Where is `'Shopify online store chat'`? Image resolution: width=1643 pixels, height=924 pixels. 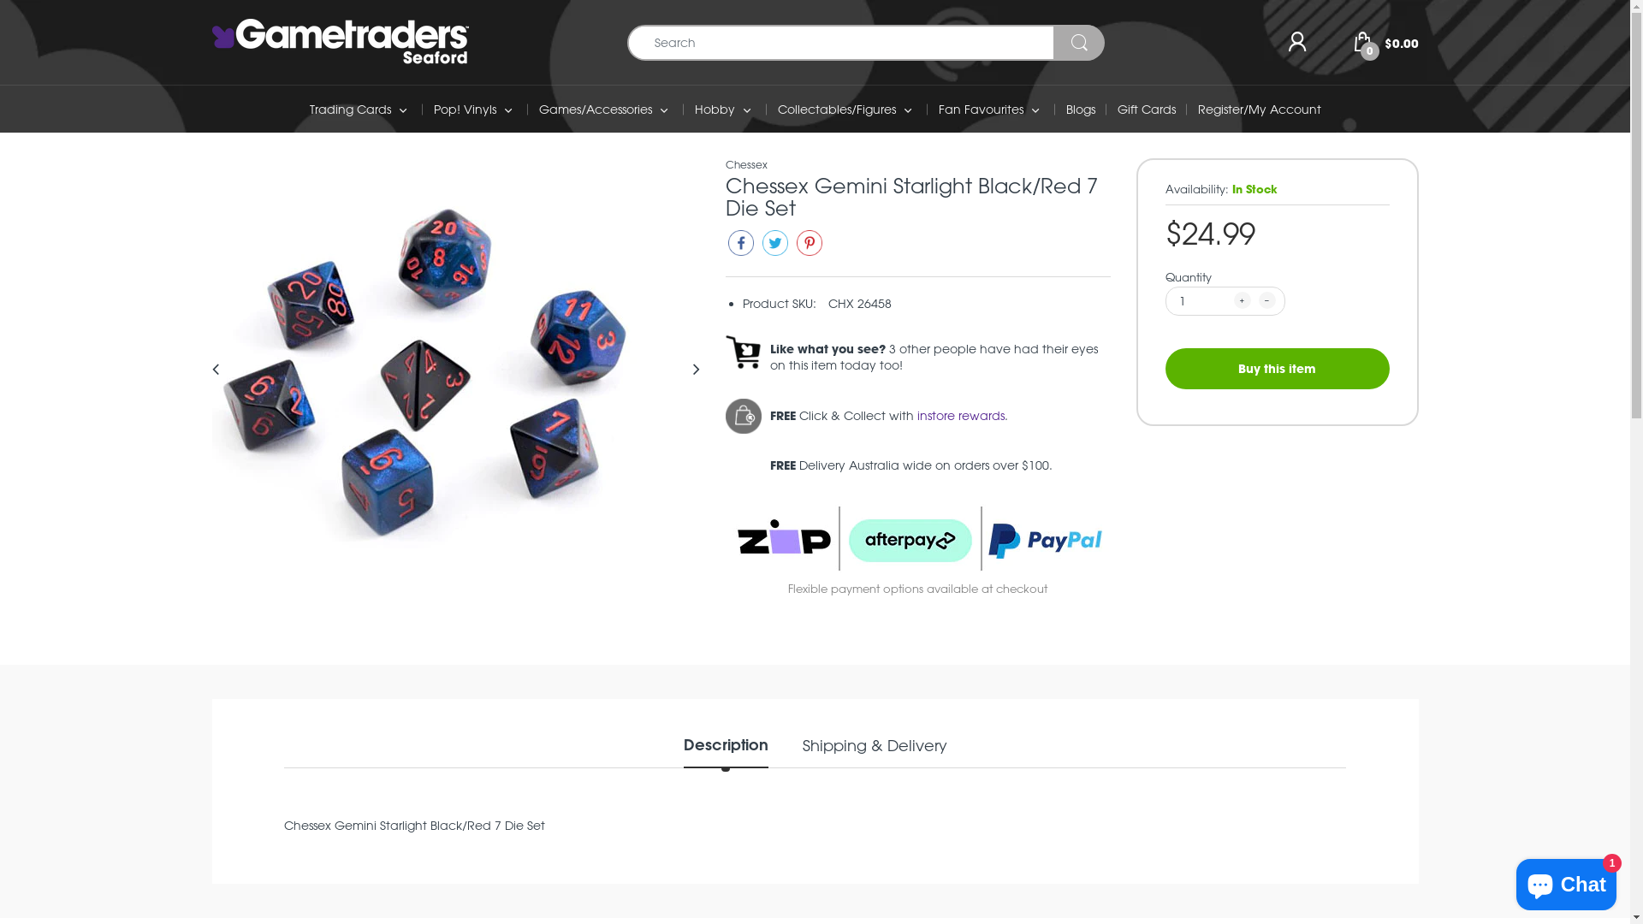 'Shopify online store chat' is located at coordinates (1566, 880).